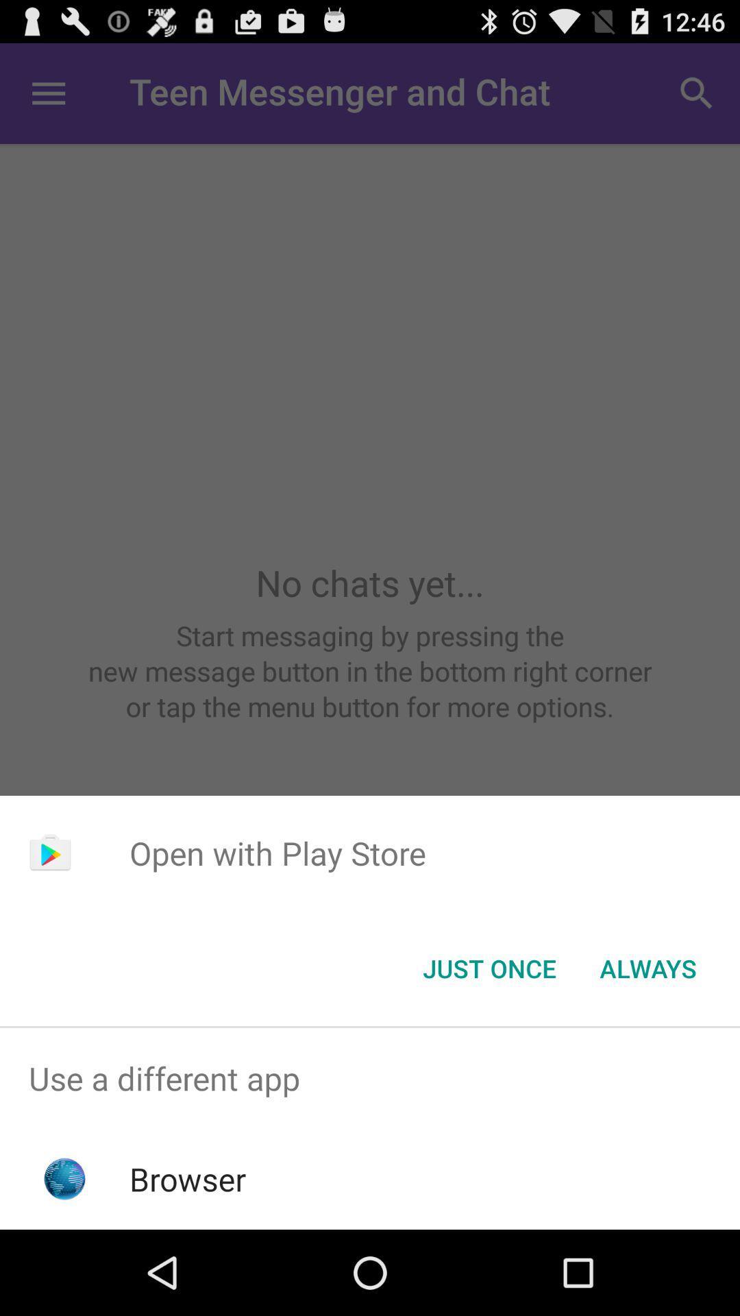 Image resolution: width=740 pixels, height=1316 pixels. I want to click on the browser, so click(188, 1178).